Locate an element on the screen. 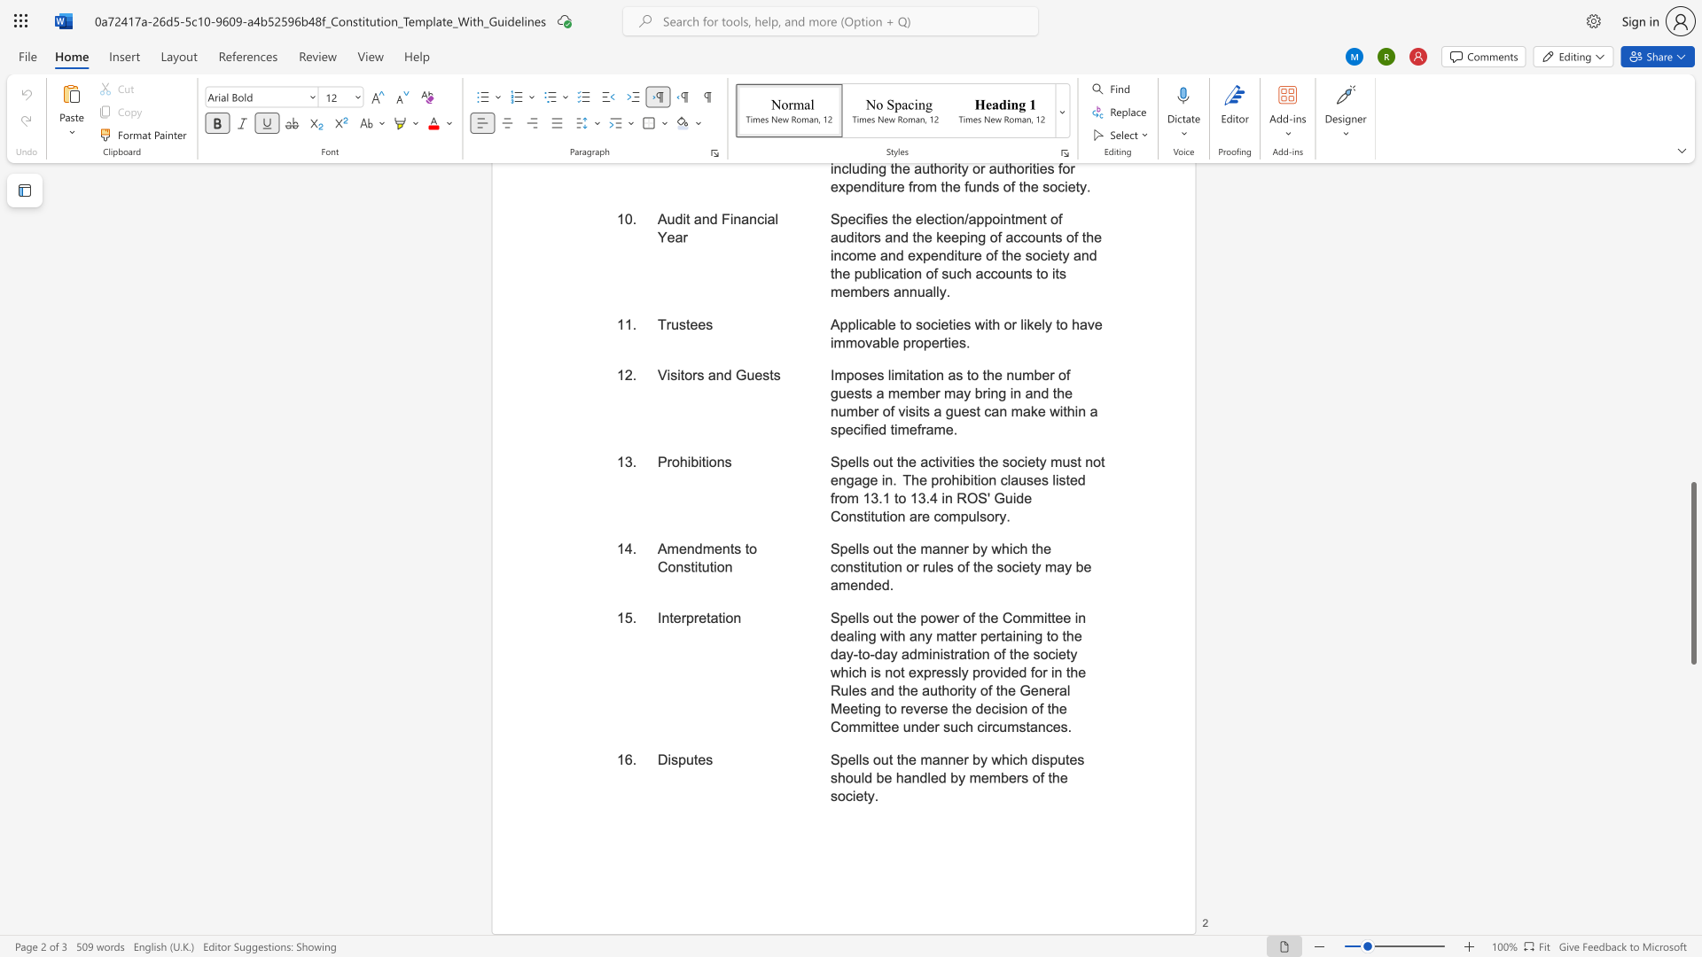  the subset text "nter" within the text "Interpretation" is located at coordinates (660, 617).